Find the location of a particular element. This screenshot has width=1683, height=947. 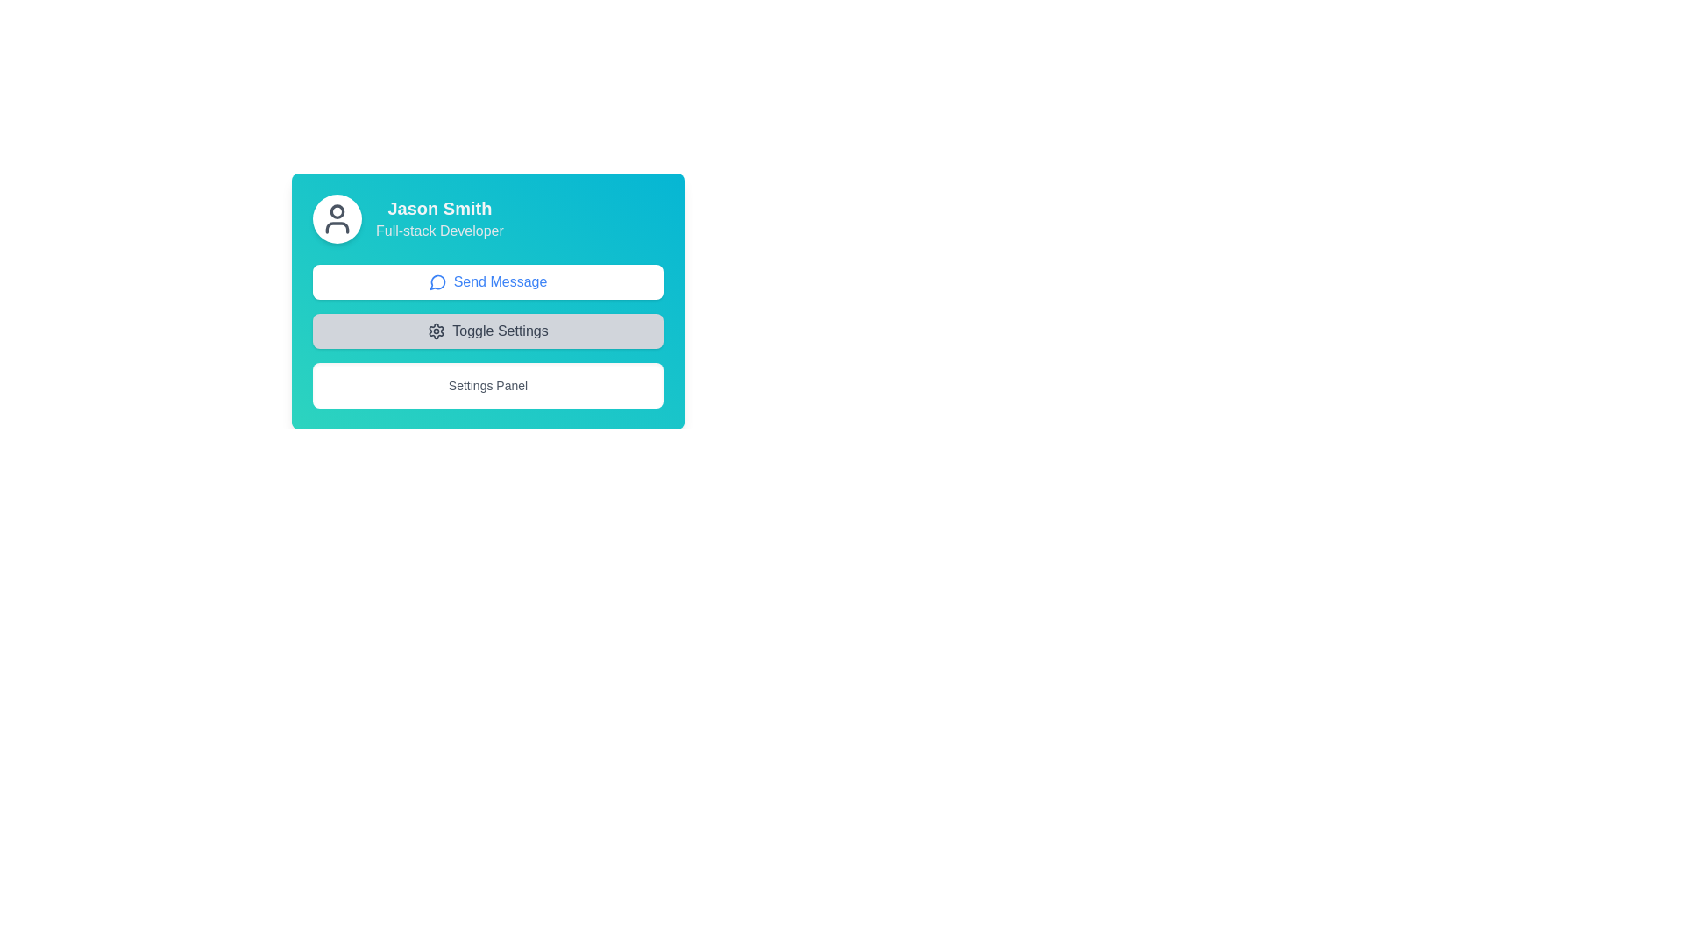

the settings icon located to the left of the 'Toggle Settings' text is located at coordinates (437, 331).